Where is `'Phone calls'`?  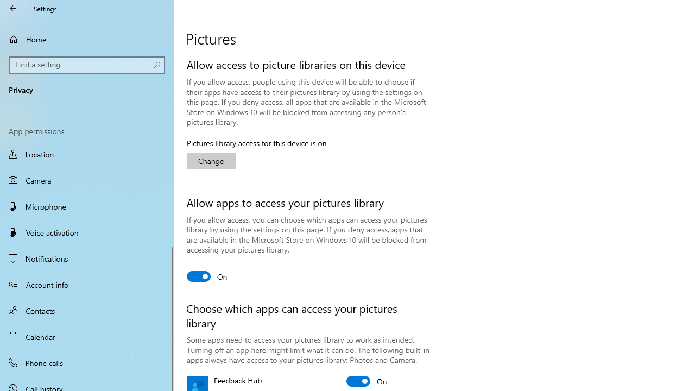
'Phone calls' is located at coordinates (87, 362).